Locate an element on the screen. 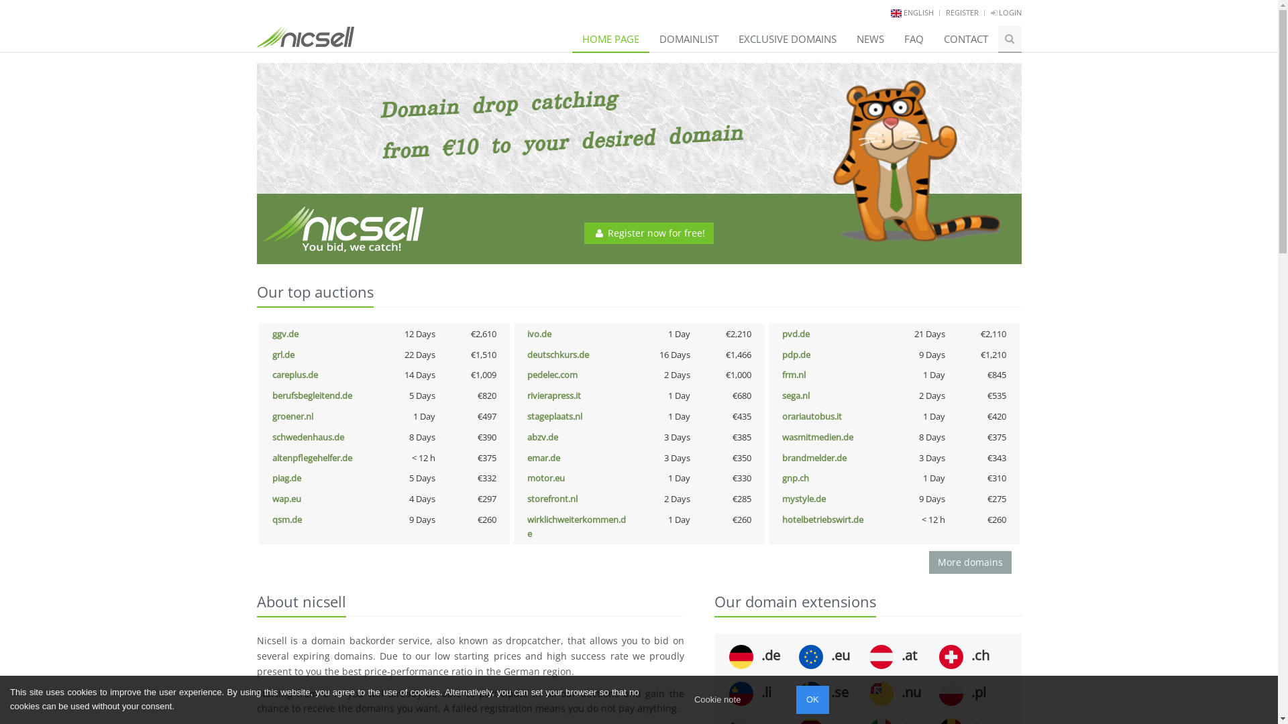 The image size is (1288, 724). 'CONTACT' is located at coordinates (966, 38).